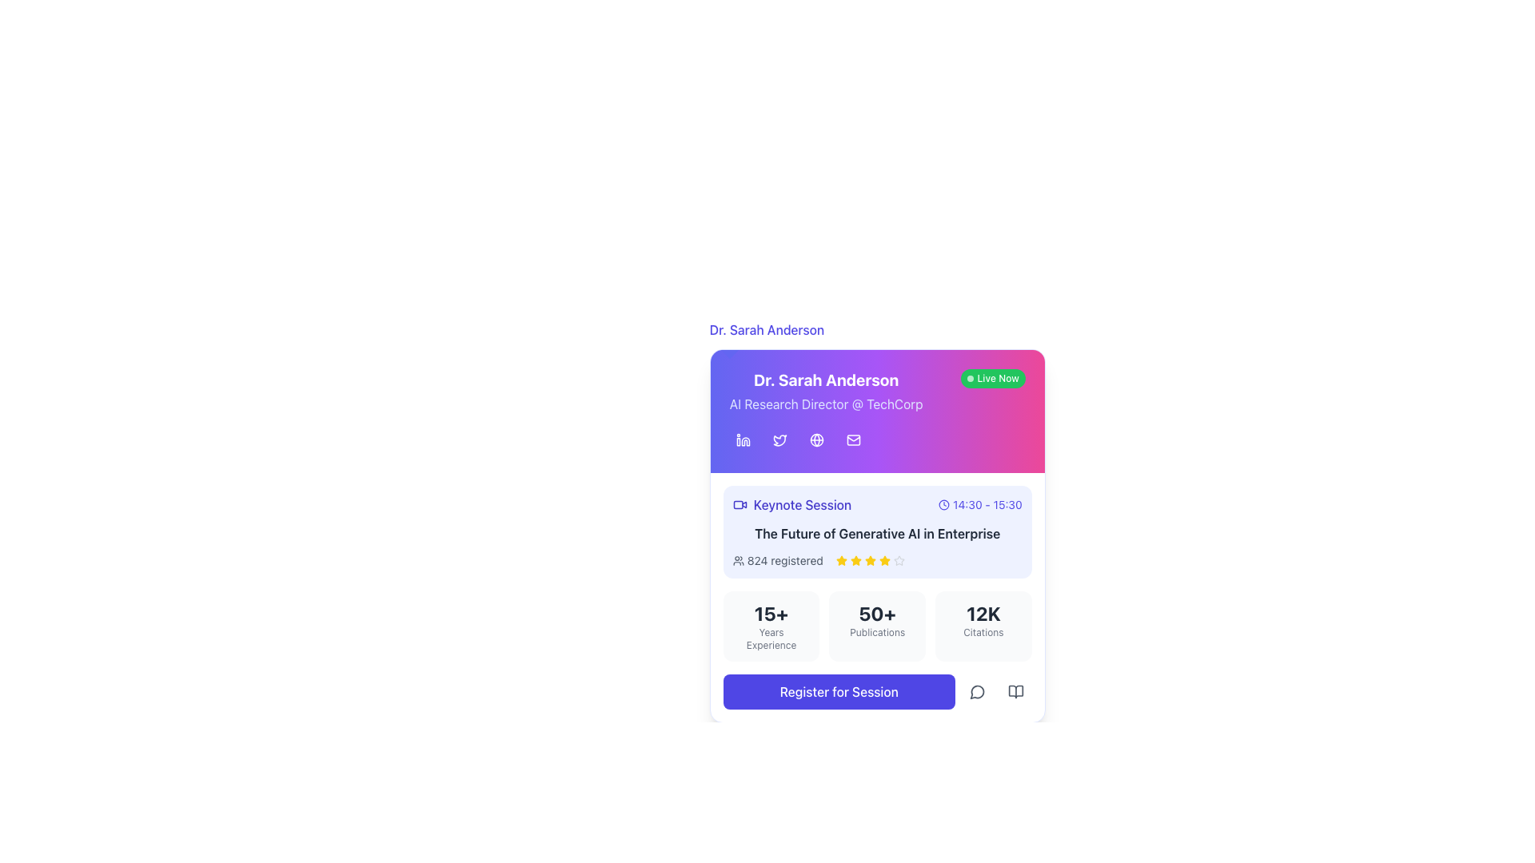 The width and height of the screenshot is (1535, 863). Describe the element at coordinates (1015, 691) in the screenshot. I see `the open book icon button located at the bottom-right corner of the 'Register for Session' section` at that location.